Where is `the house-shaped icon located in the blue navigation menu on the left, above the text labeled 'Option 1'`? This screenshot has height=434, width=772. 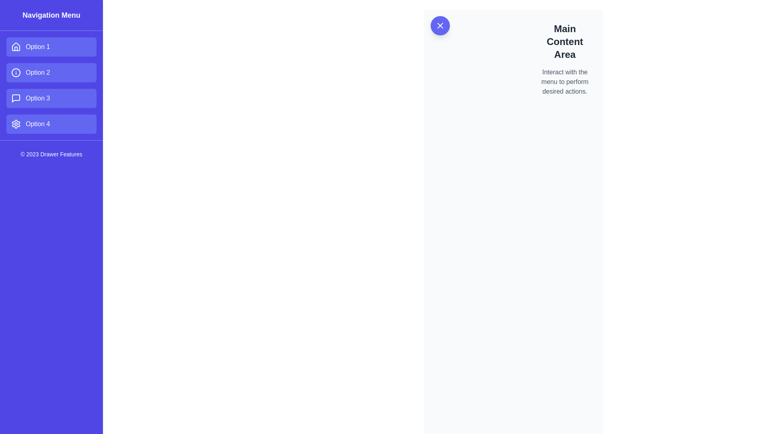 the house-shaped icon located in the blue navigation menu on the left, above the text labeled 'Option 1' is located at coordinates (16, 46).